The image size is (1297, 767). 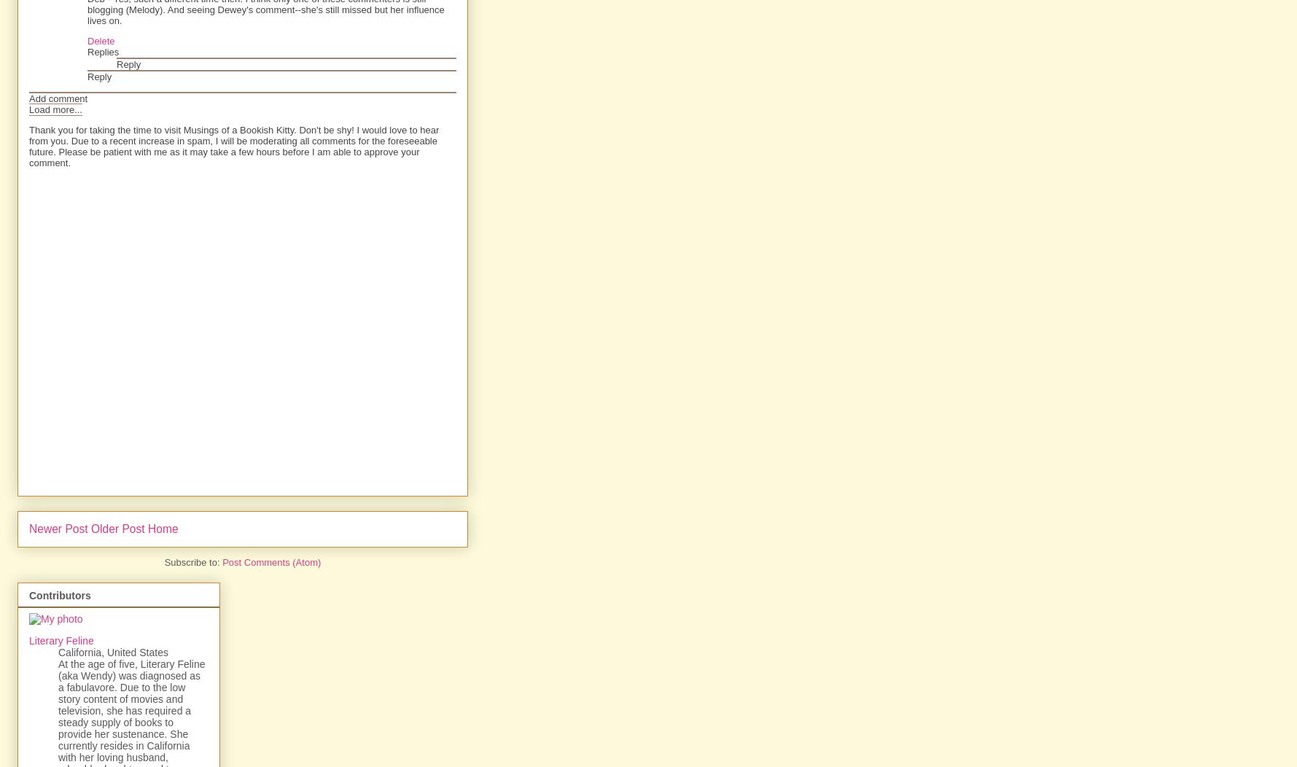 What do you see at coordinates (60, 639) in the screenshot?
I see `'Literary Feline'` at bounding box center [60, 639].